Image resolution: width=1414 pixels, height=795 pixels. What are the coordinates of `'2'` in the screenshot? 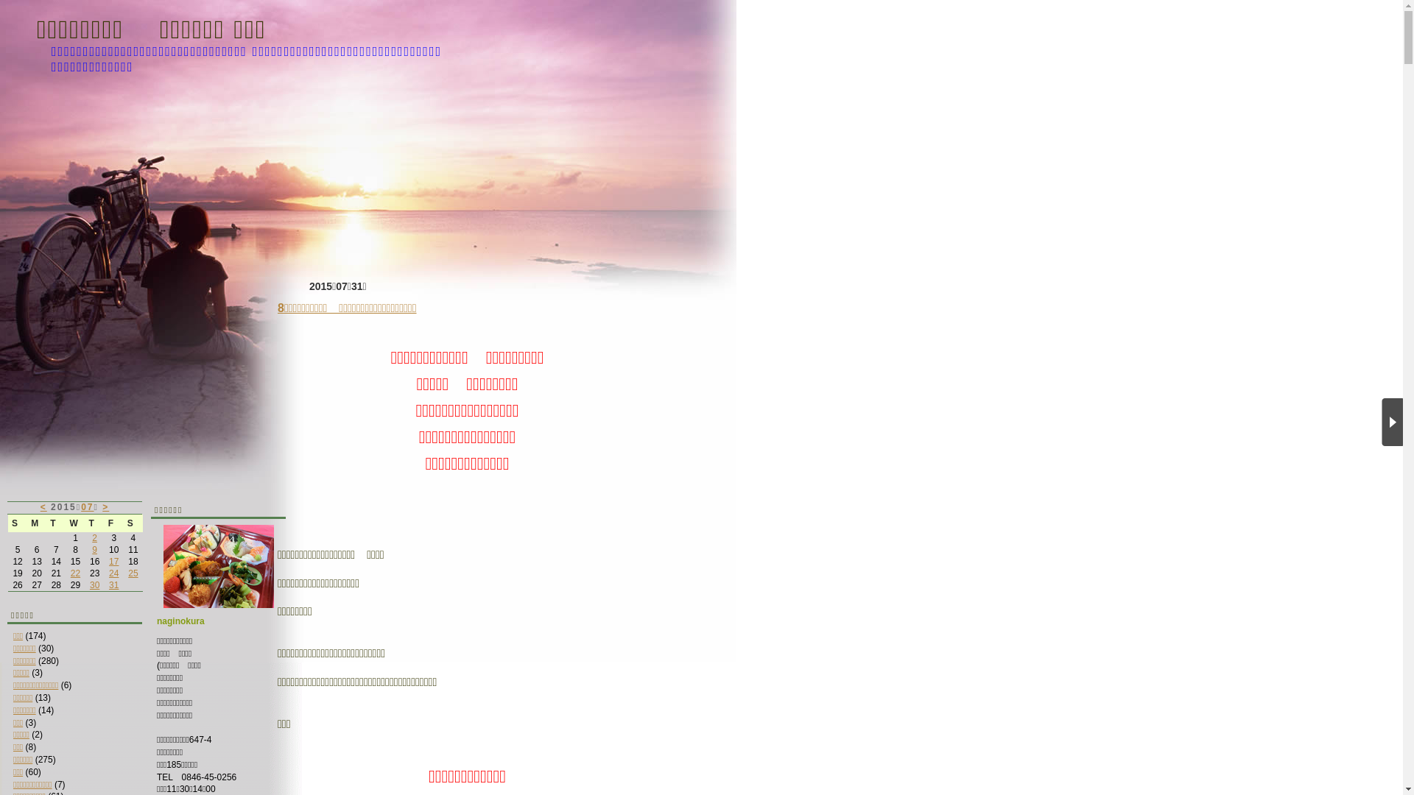 It's located at (94, 538).